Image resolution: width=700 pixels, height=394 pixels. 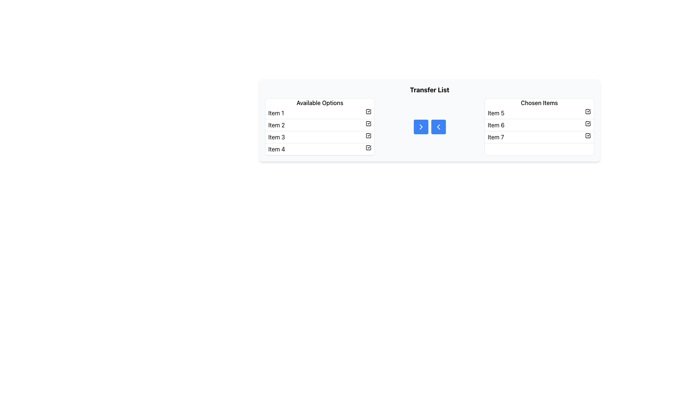 I want to click on the Icon button or checkbox located in the second row of 'Available Options' next to 'Item 2', so click(x=368, y=123).